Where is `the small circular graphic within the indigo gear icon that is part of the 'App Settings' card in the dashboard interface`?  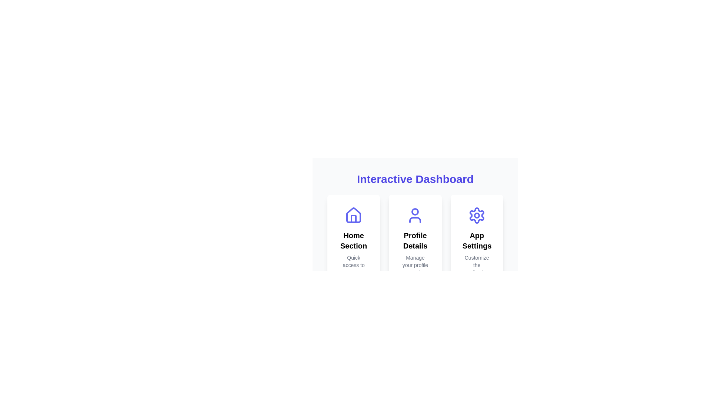 the small circular graphic within the indigo gear icon that is part of the 'App Settings' card in the dashboard interface is located at coordinates (477, 216).